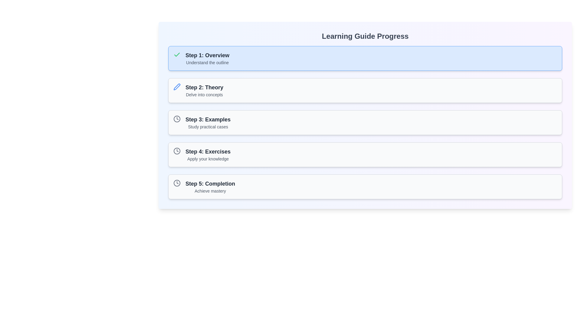 This screenshot has height=327, width=581. What do you see at coordinates (177, 54) in the screenshot?
I see `the green checkmark icon located to the left of 'Step 1: Overview' in the 'Learning Guide Progress' interface as a confirmation indicator` at bounding box center [177, 54].